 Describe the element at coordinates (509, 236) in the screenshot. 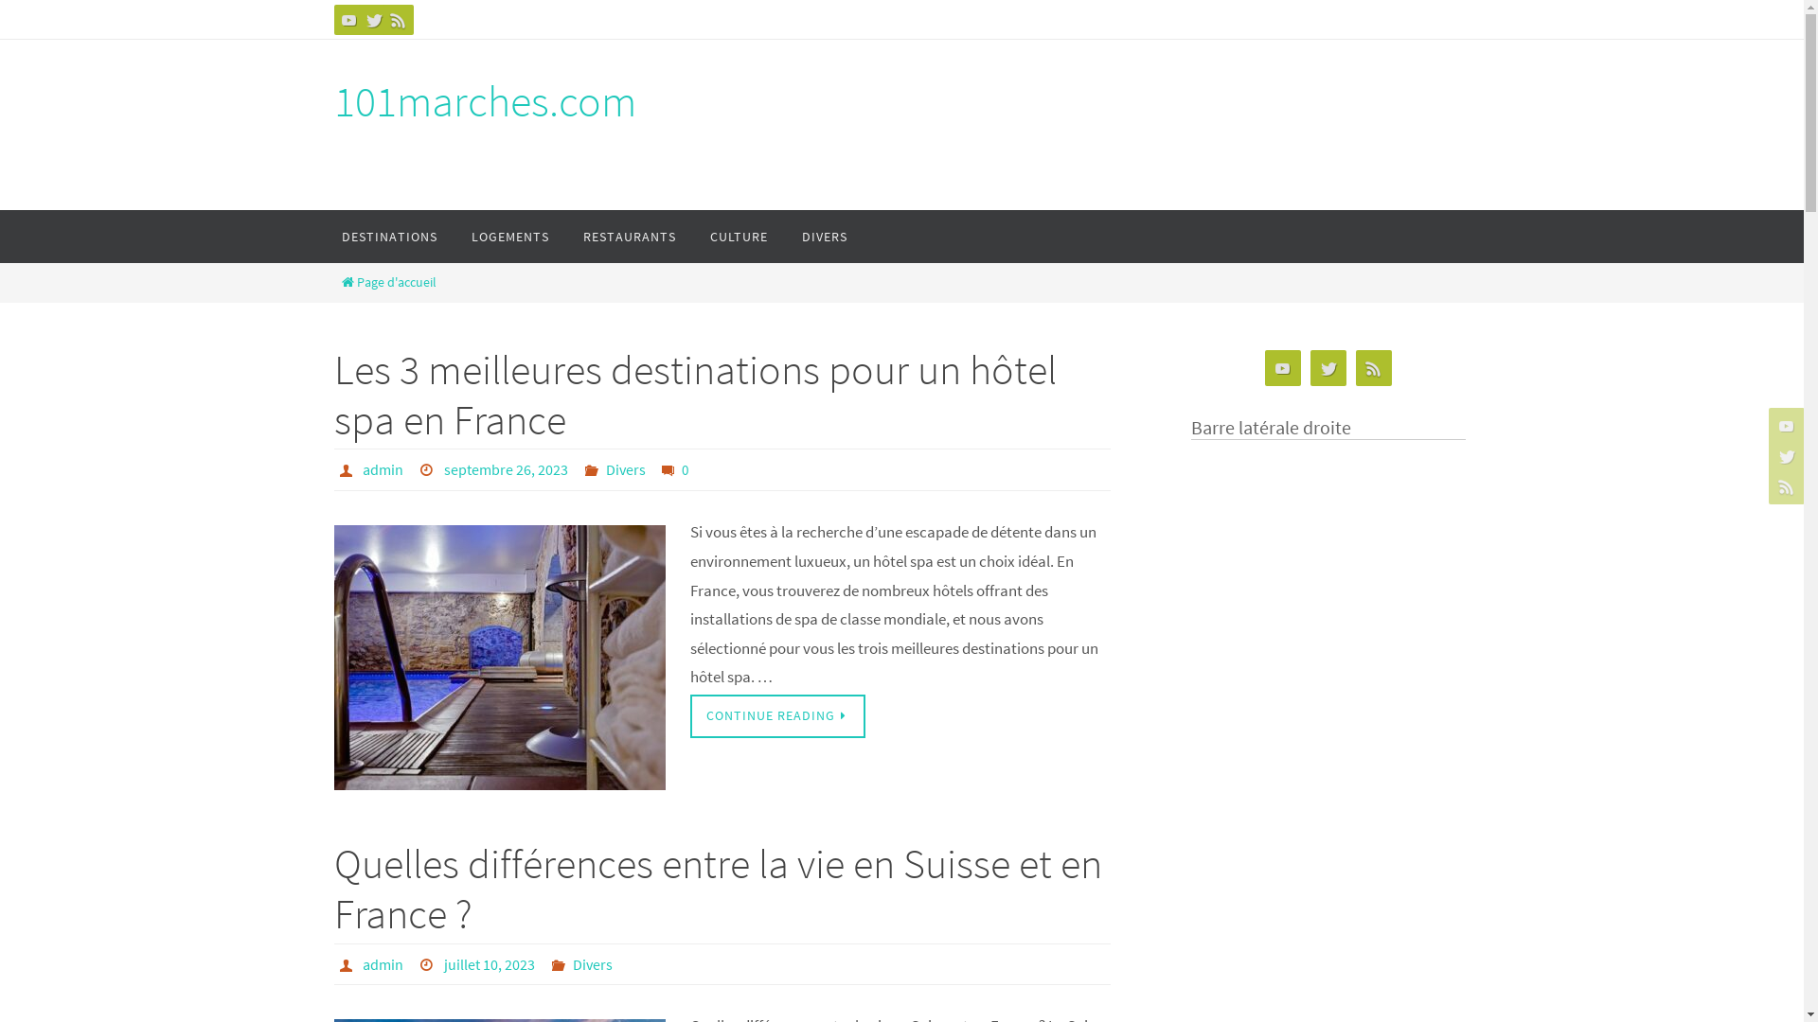

I see `'LOGEMENTS'` at that location.